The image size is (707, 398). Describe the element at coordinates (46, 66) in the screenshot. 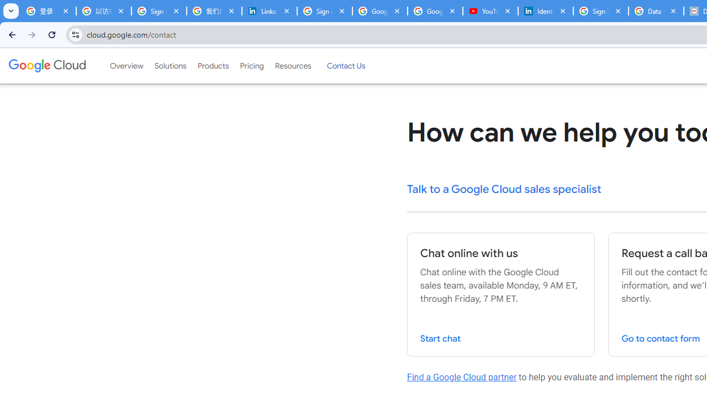

I see `'Google Cloud'` at that location.